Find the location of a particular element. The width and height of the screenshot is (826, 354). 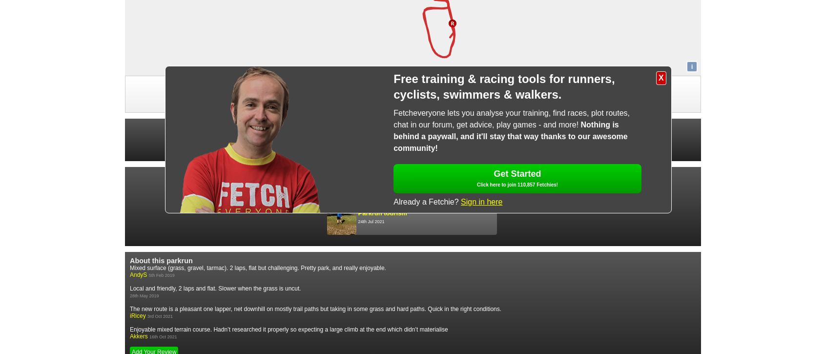

'16th Oct 2021' is located at coordinates (163, 335).